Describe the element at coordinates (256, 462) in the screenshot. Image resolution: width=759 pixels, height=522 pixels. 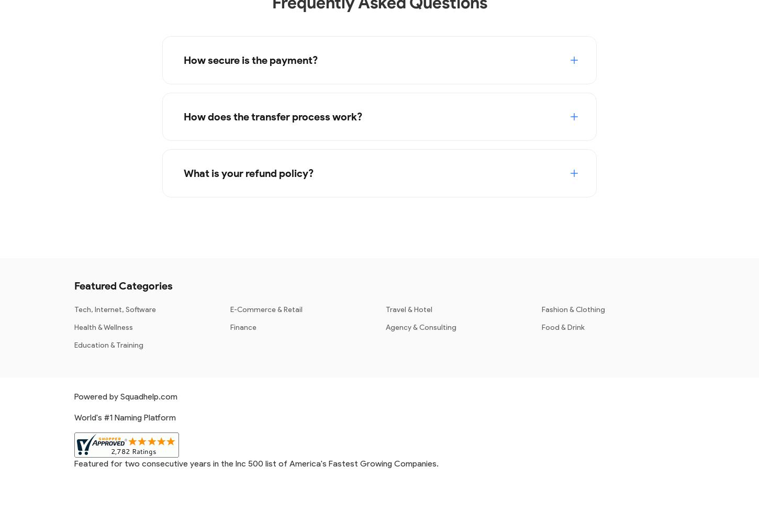
I see `'Featured for two consecutive years in the Inc 500 list of America's Fastest Growing Companies.'` at that location.